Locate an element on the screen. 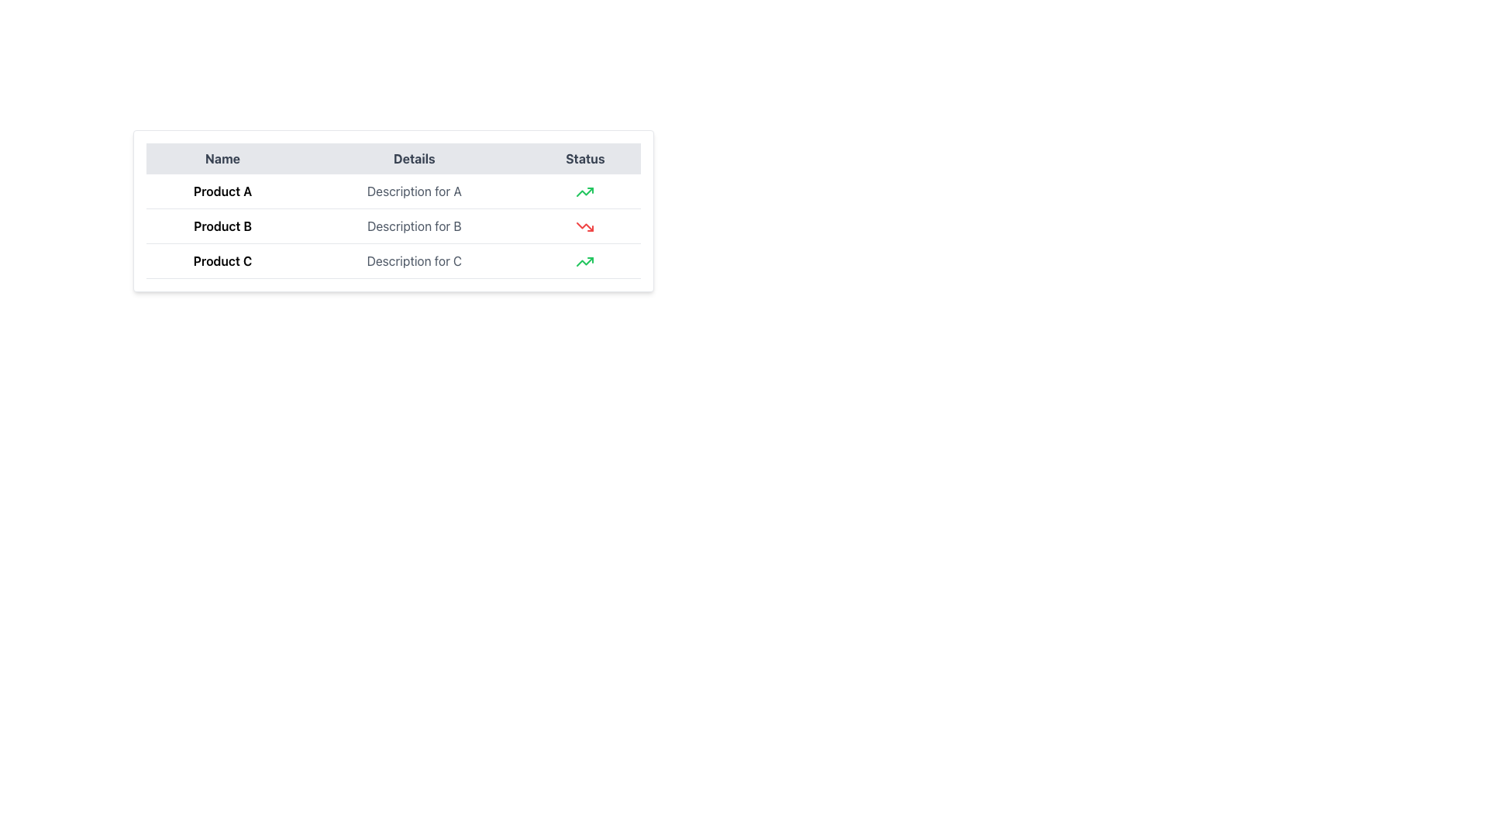  the green upward arrow icon in the 'Status' column, located in the third row of the table, indicating a positive trend for 'Product C' is located at coordinates (584, 191).